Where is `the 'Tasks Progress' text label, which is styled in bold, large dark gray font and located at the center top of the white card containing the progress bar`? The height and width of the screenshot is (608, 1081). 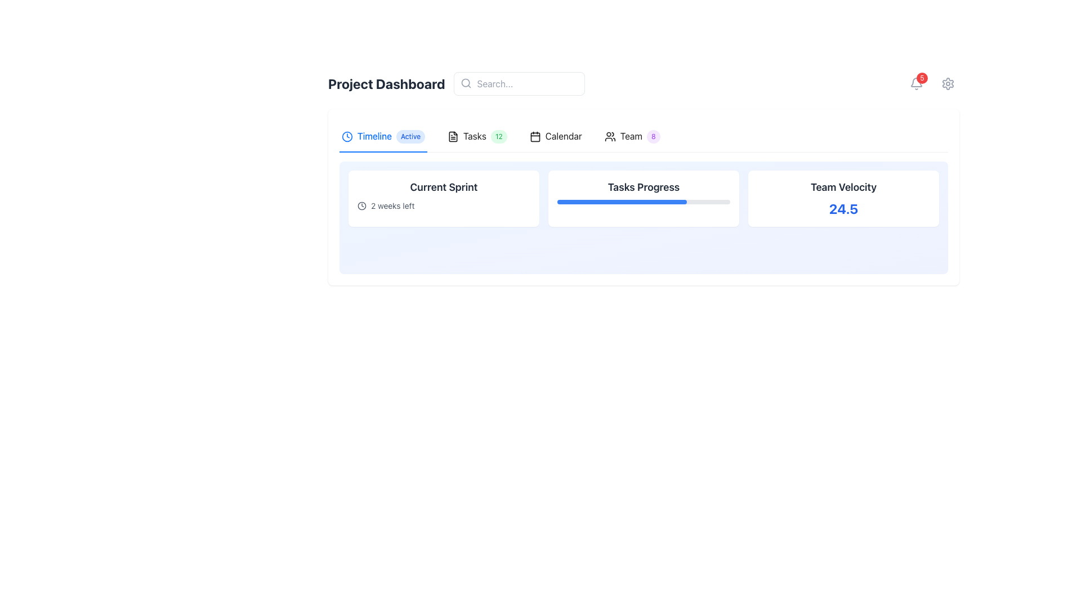 the 'Tasks Progress' text label, which is styled in bold, large dark gray font and located at the center top of the white card containing the progress bar is located at coordinates (644, 187).